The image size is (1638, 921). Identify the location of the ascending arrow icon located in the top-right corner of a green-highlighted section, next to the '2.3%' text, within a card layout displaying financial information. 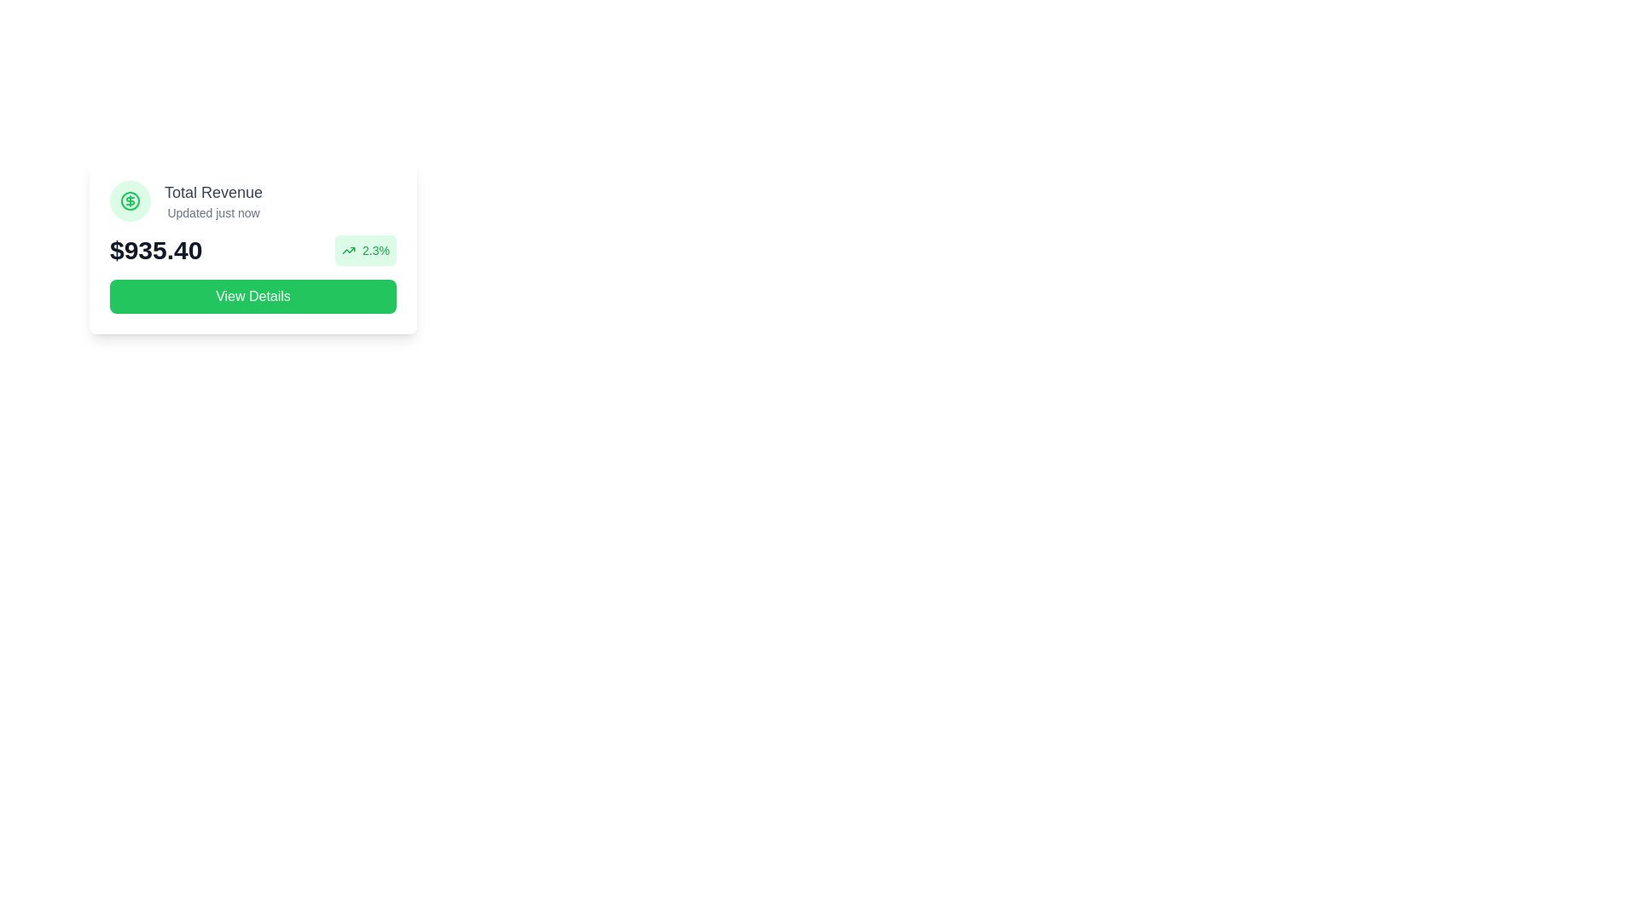
(348, 250).